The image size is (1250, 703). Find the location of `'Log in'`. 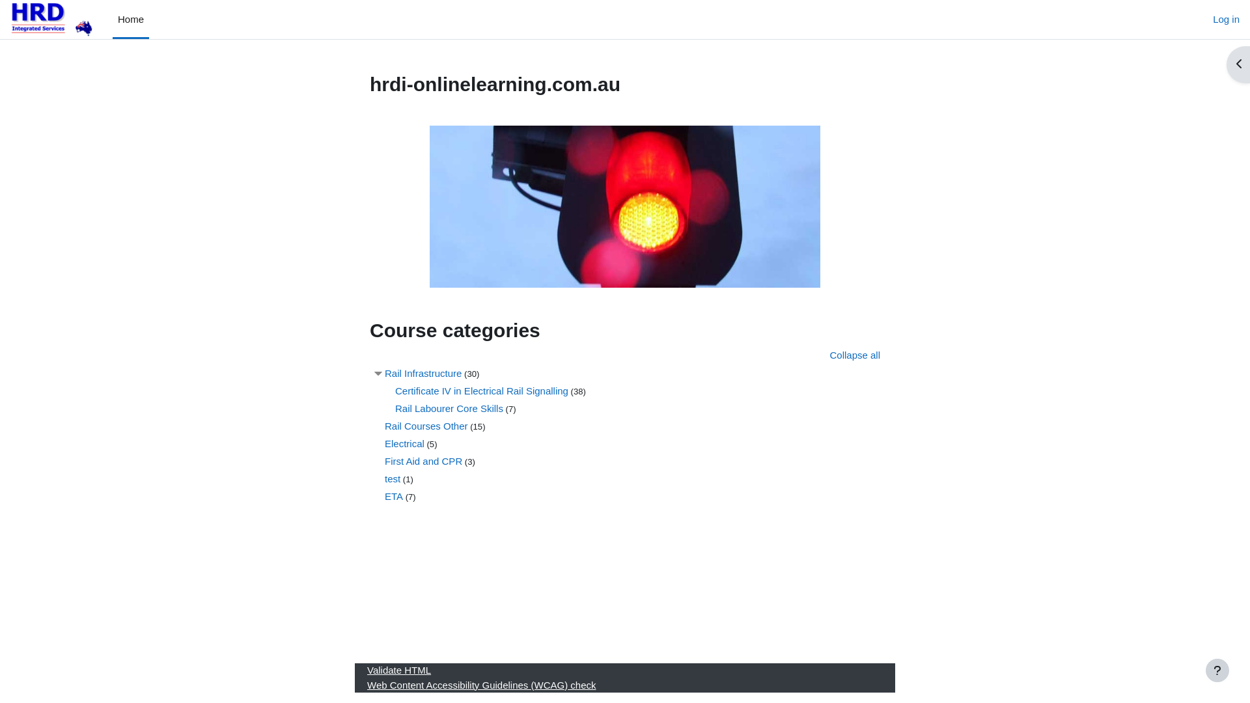

'Log in' is located at coordinates (1225, 20).